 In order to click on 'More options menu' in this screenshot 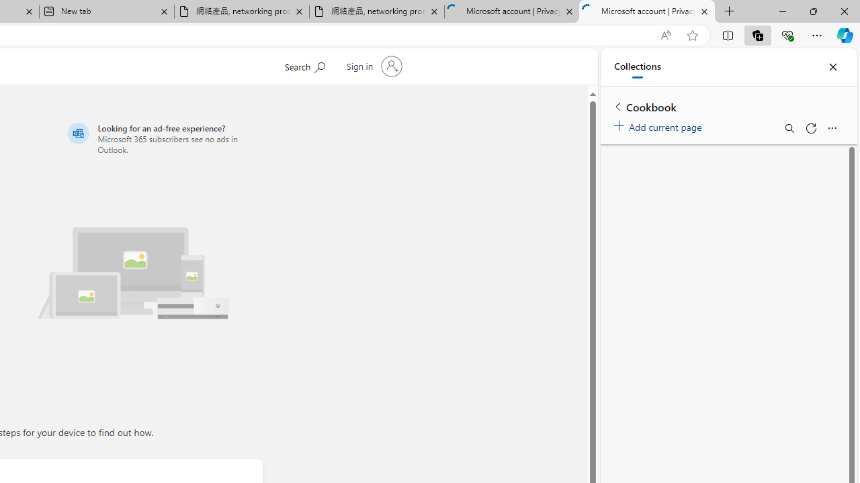, I will do `click(831, 128)`.